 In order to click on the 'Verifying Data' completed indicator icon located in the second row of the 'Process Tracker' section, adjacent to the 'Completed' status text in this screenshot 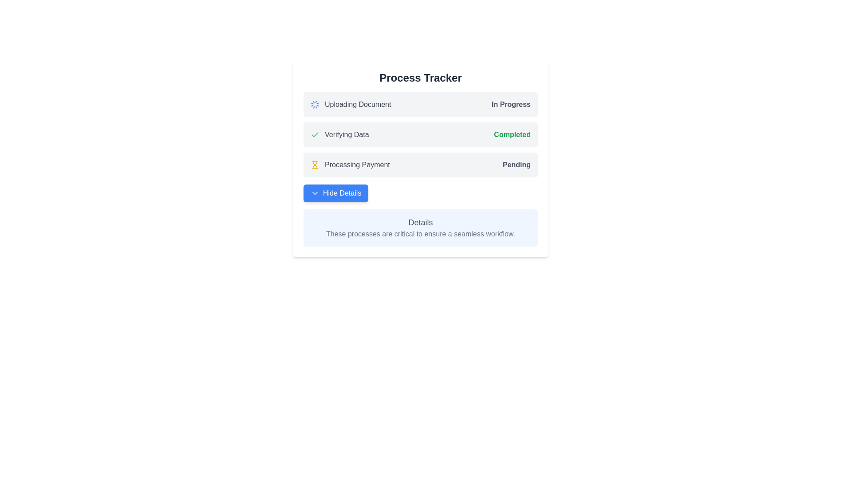, I will do `click(315, 134)`.